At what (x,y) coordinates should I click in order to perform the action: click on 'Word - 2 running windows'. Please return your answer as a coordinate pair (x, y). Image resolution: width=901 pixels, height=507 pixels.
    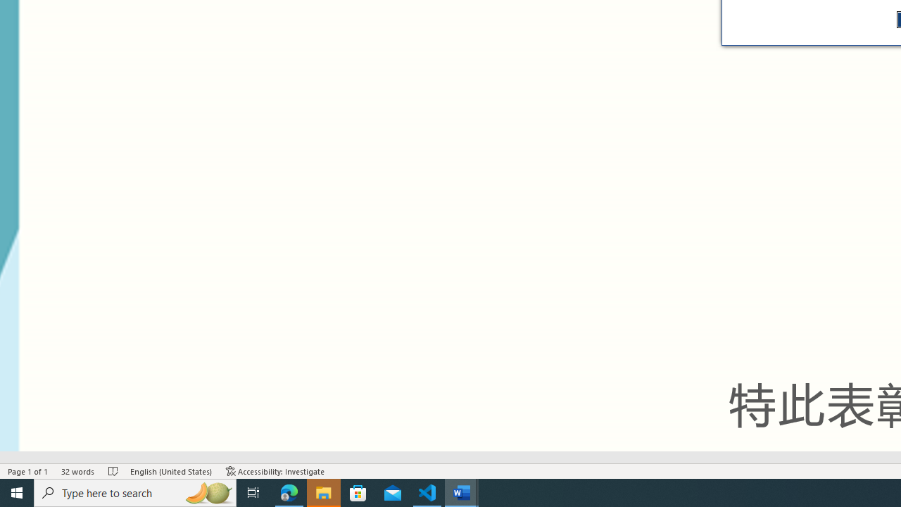
    Looking at the image, I should click on (462, 492).